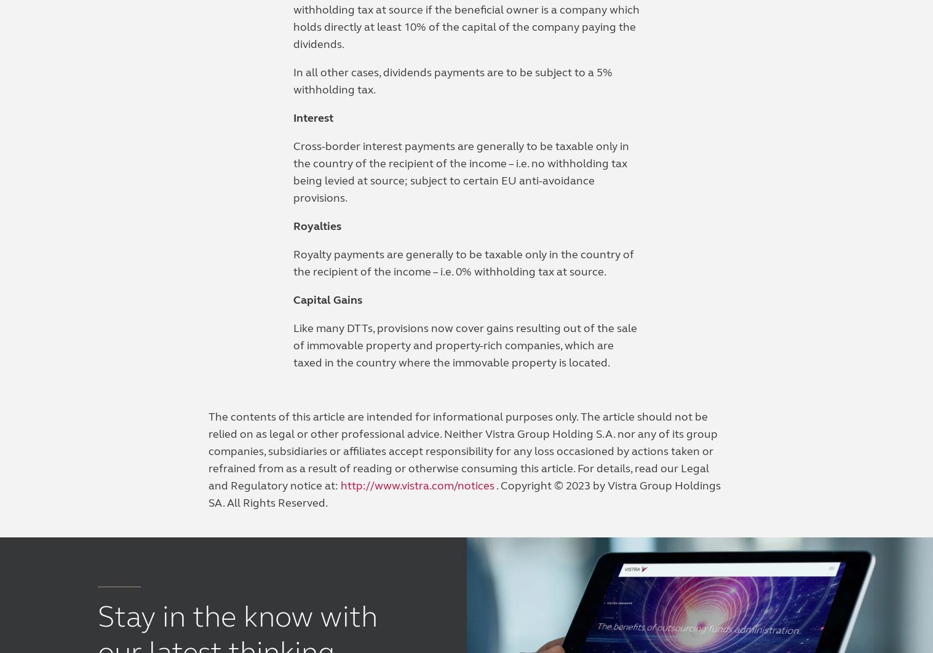 This screenshot has width=933, height=653. What do you see at coordinates (122, 586) in the screenshot?
I see `'©2023 Vistra'` at bounding box center [122, 586].